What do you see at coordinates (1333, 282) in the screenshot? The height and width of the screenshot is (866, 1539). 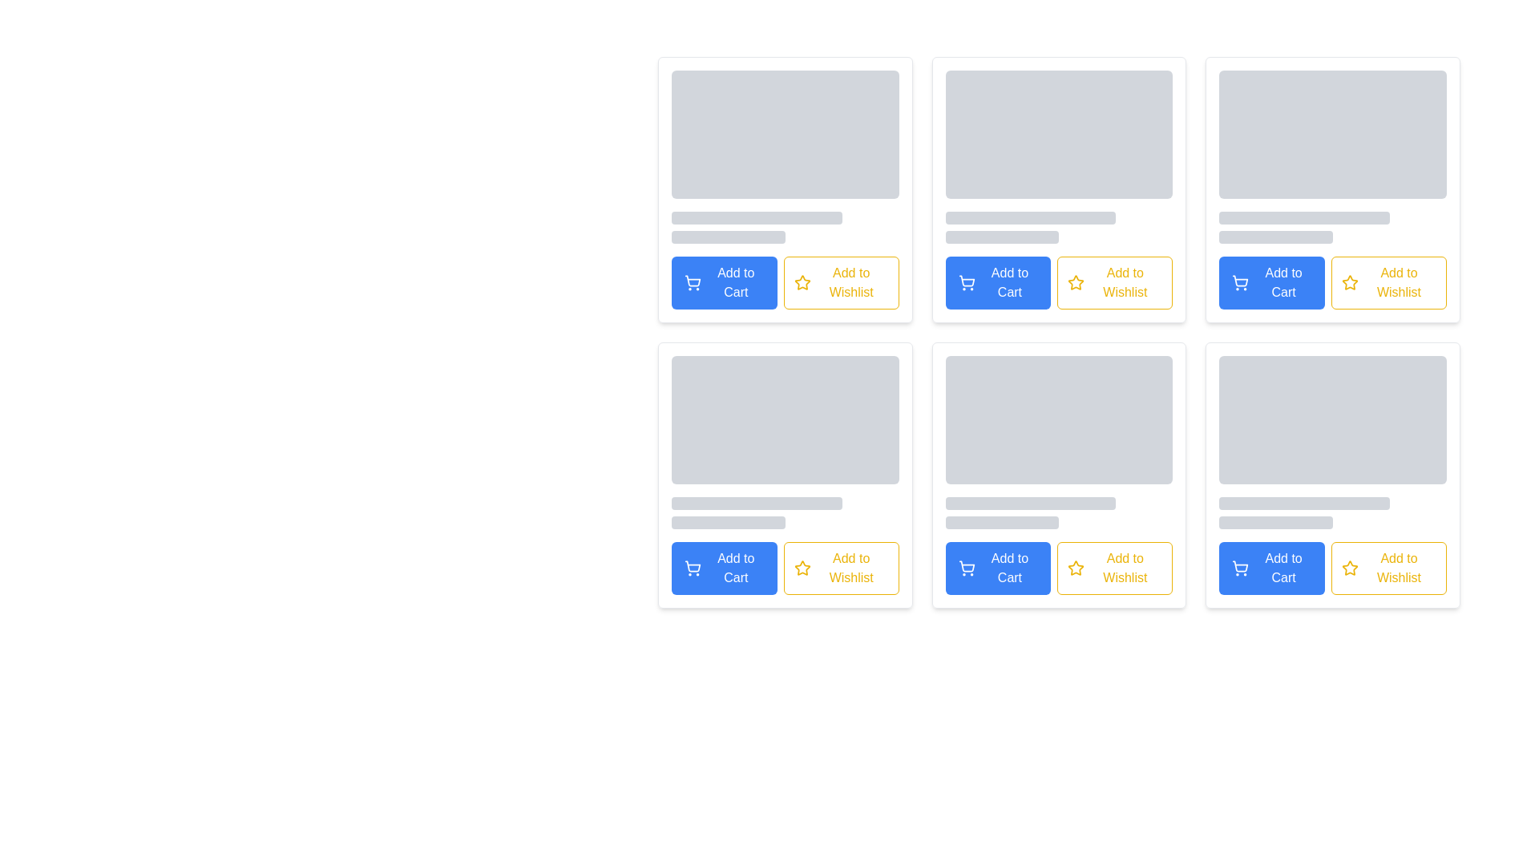 I see `the 'Add to Cart' and 'Add to Wishlist' buttons in the group` at bounding box center [1333, 282].